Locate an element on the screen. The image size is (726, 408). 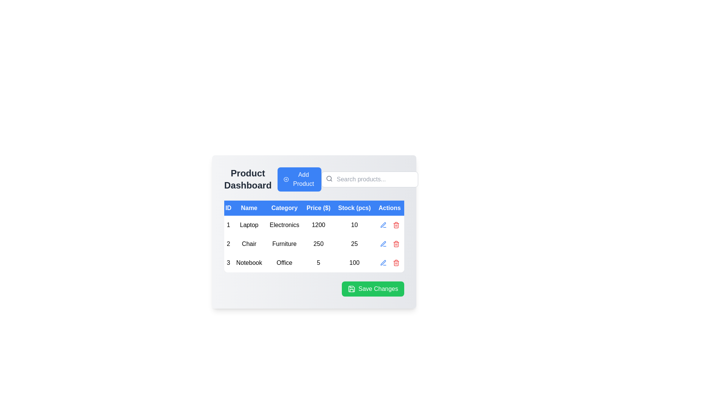
the text label displaying 'Chair' in black text, located in the second row of the table under the 'Name' column is located at coordinates (249, 244).